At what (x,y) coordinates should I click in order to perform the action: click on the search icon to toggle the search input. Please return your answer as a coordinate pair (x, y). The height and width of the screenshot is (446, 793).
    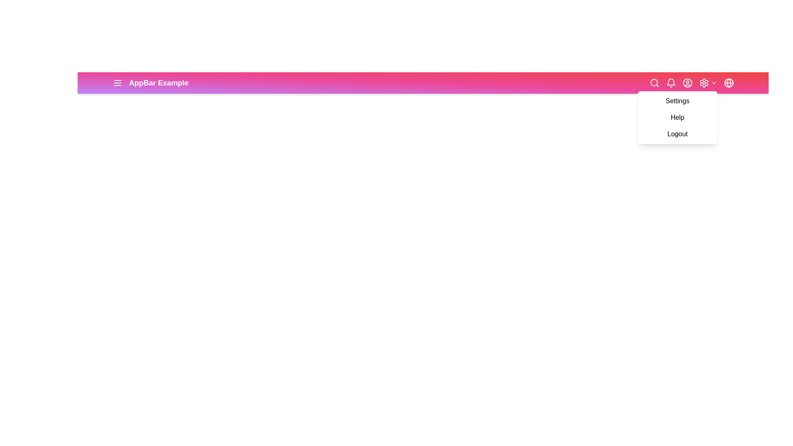
    Looking at the image, I should click on (654, 83).